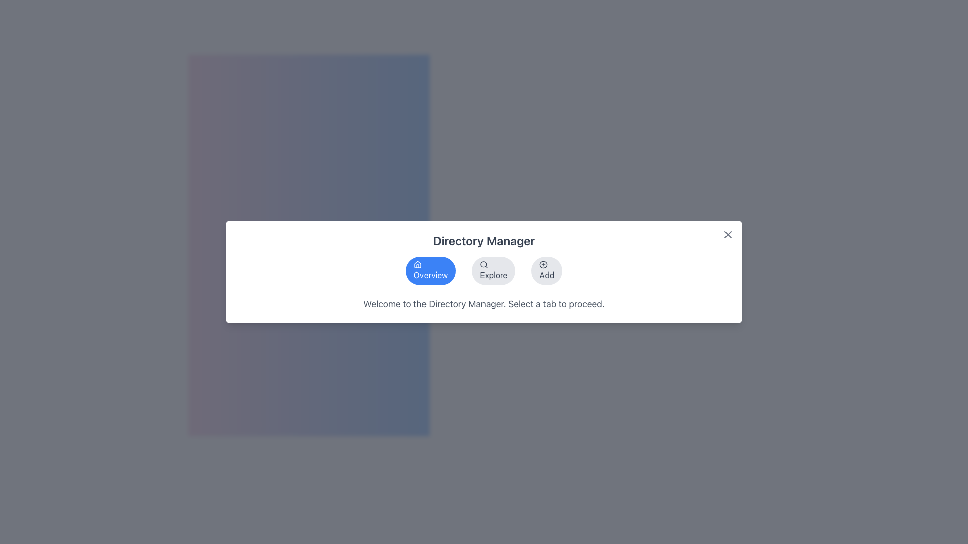 Image resolution: width=968 pixels, height=544 pixels. Describe the element at coordinates (417, 264) in the screenshot. I see `the house-like icon within the blue circular button labeled 'Overview'` at that location.